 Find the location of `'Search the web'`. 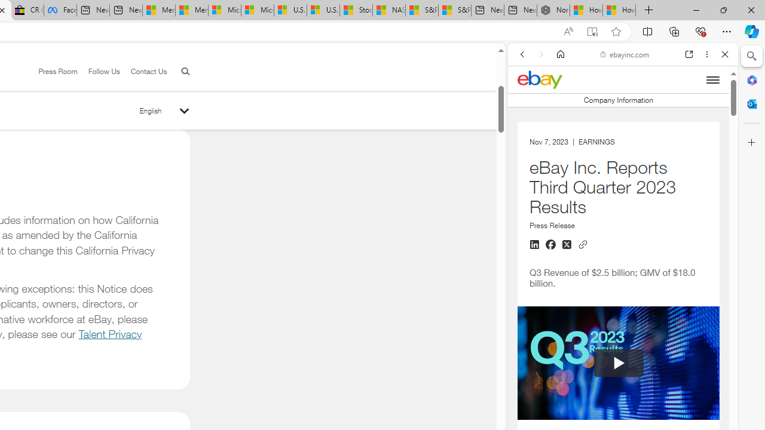

'Search the web' is located at coordinates (628, 82).